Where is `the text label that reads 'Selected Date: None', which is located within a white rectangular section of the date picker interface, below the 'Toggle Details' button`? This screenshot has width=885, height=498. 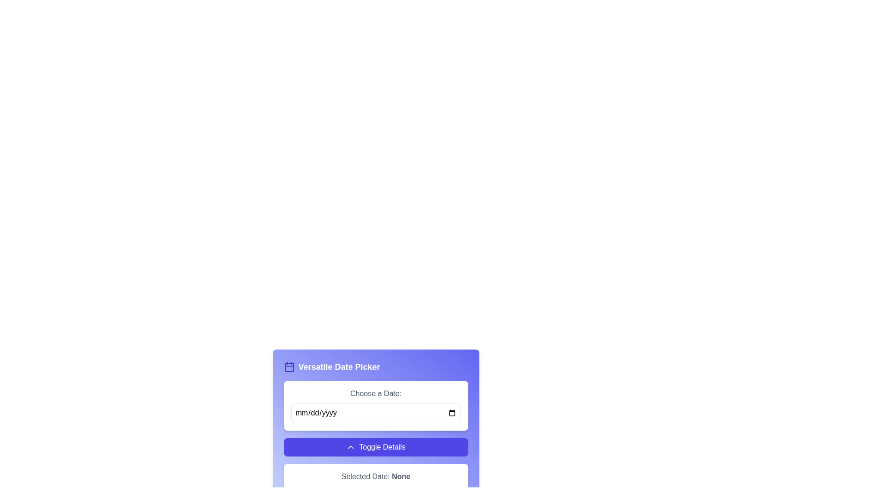
the text label that reads 'Selected Date: None', which is located within a white rectangular section of the date picker interface, below the 'Toggle Details' button is located at coordinates (376, 476).